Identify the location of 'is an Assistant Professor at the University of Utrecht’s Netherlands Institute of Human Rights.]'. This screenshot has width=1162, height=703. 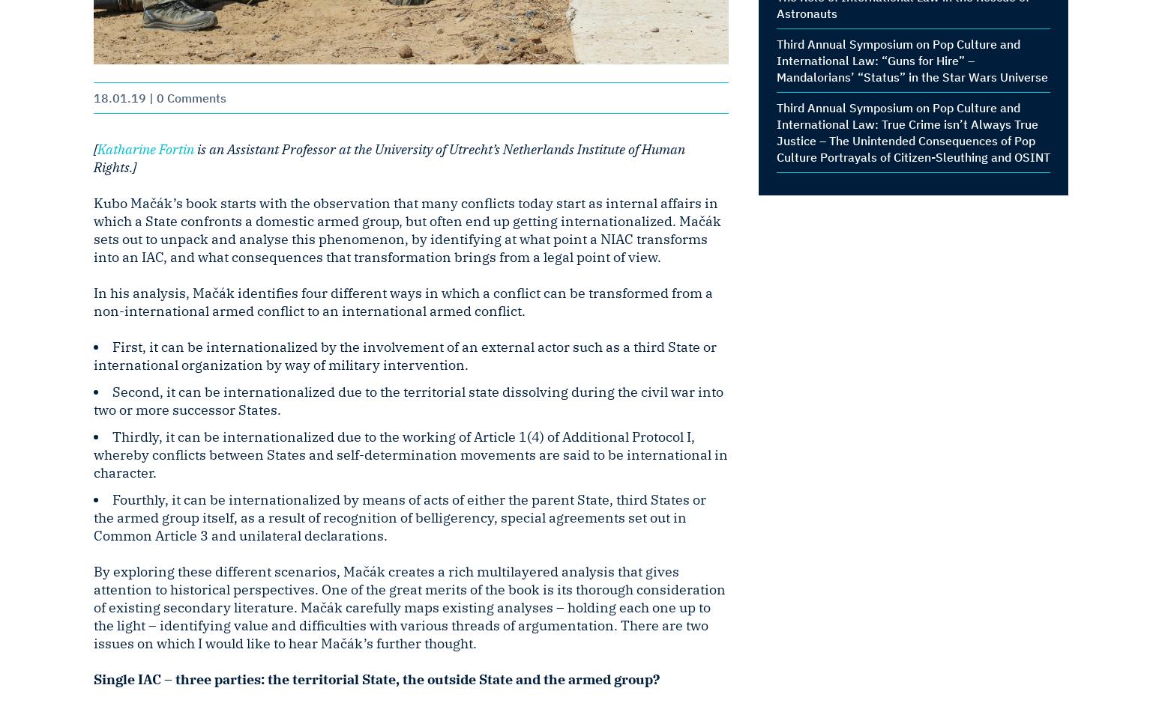
(388, 157).